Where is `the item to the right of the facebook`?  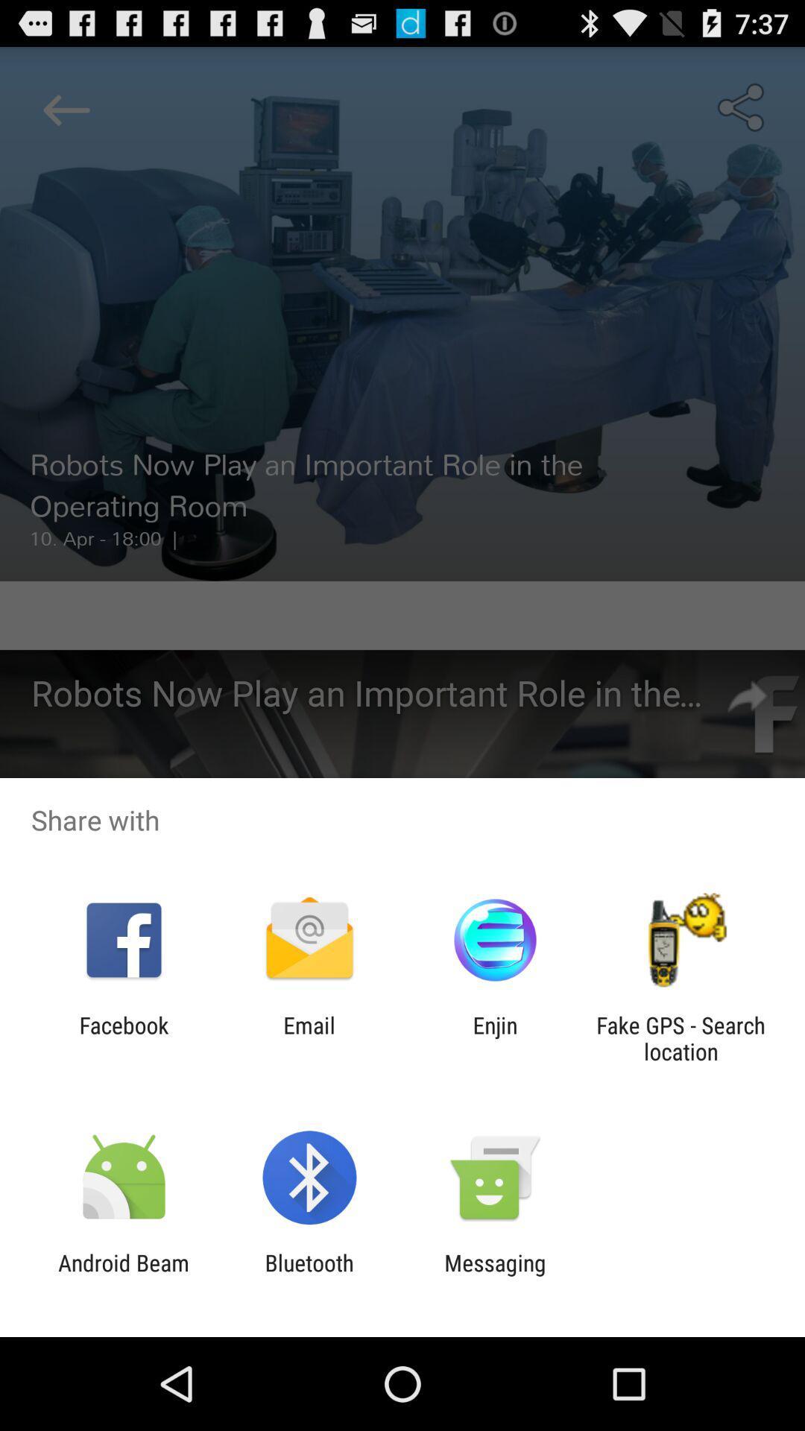
the item to the right of the facebook is located at coordinates (309, 1037).